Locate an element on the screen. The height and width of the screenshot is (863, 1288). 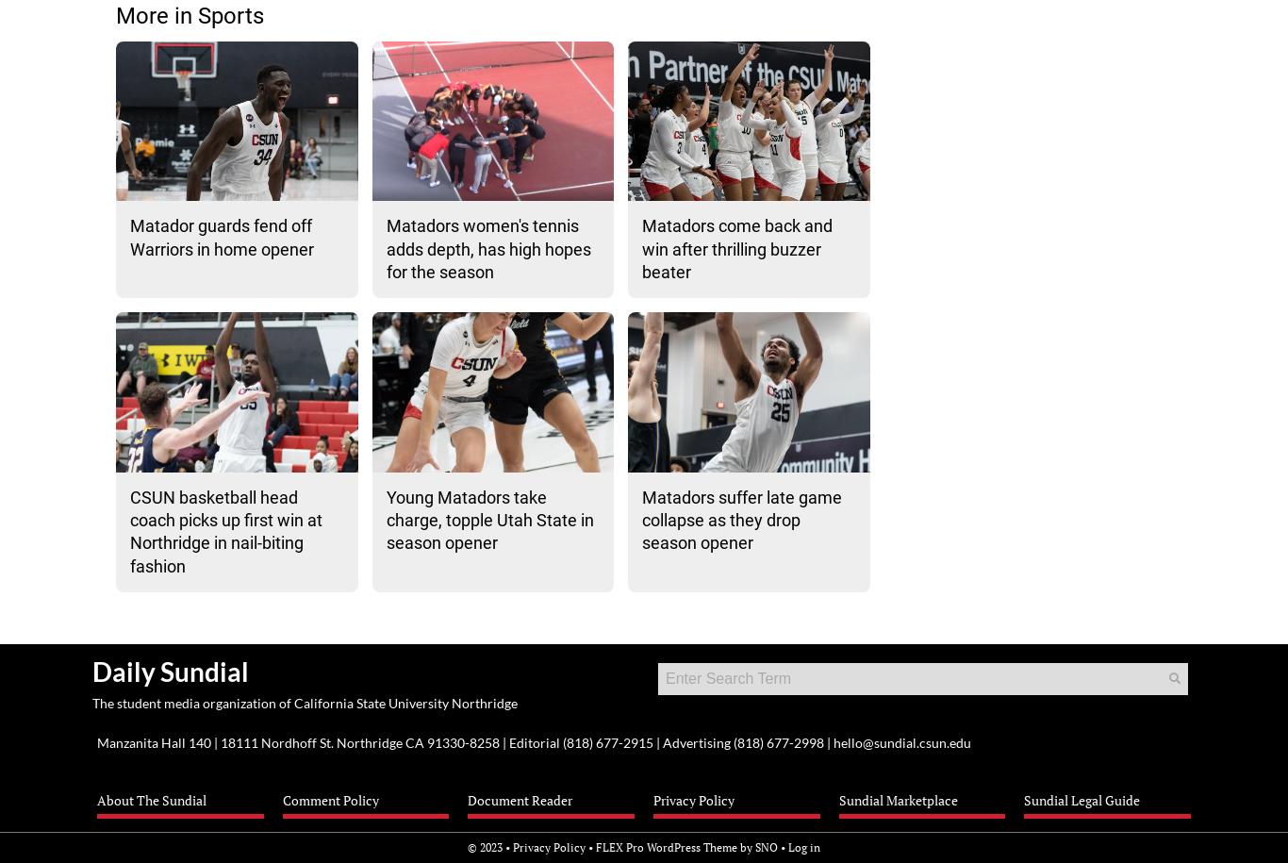
'More in Sports' is located at coordinates (189, 16).